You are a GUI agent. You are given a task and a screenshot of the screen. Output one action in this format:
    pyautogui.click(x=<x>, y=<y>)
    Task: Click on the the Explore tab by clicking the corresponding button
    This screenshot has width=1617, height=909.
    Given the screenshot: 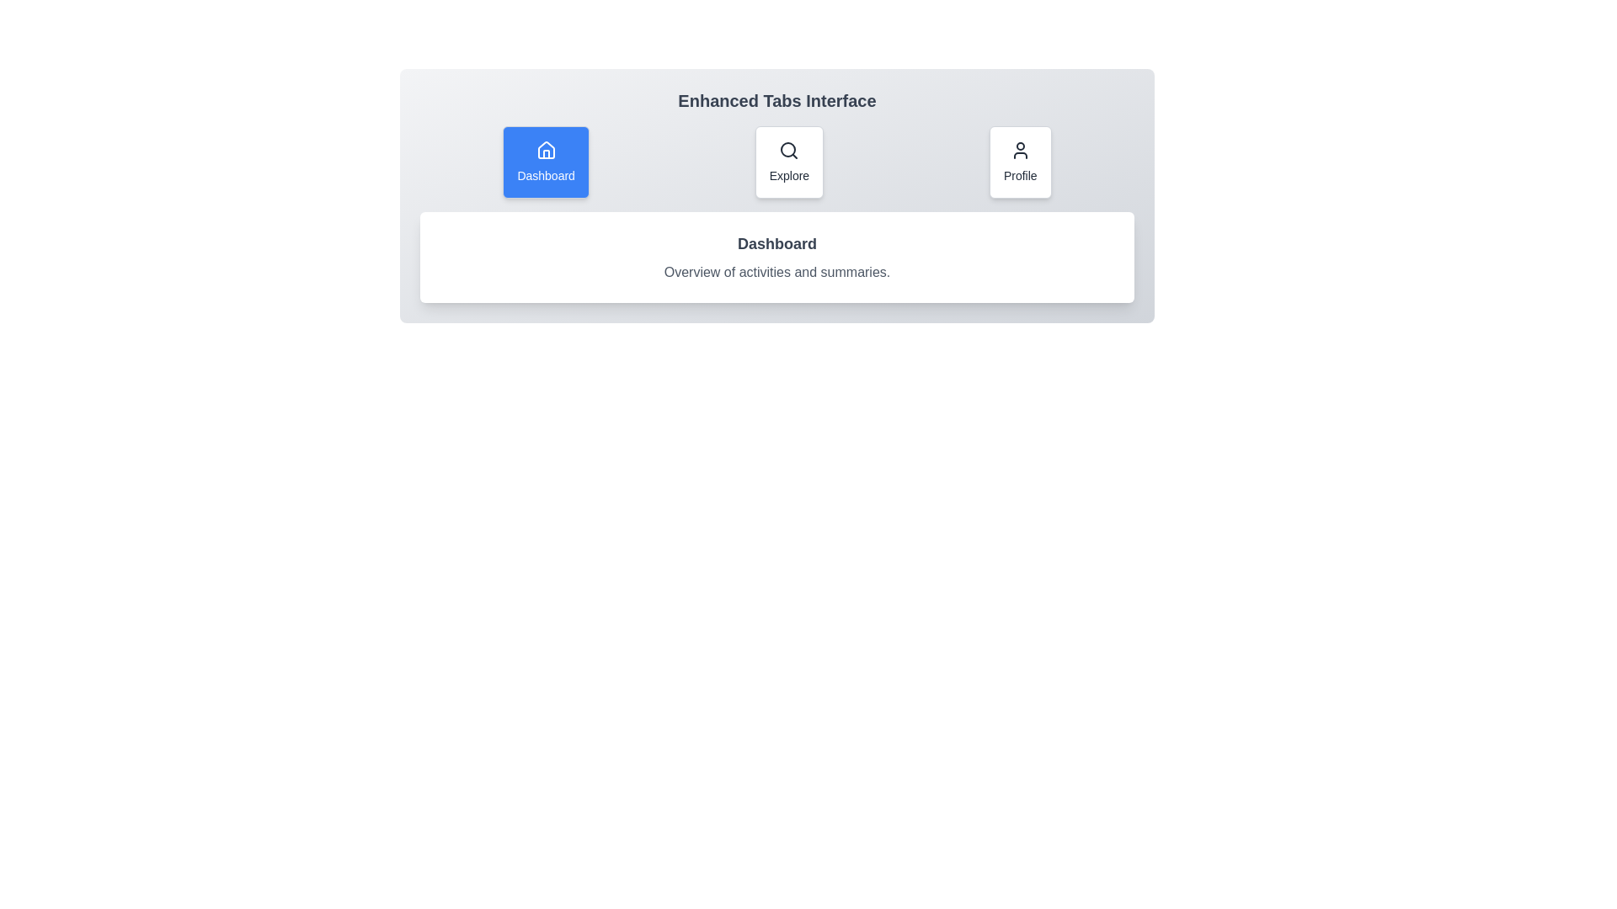 What is the action you would take?
    pyautogui.click(x=788, y=162)
    